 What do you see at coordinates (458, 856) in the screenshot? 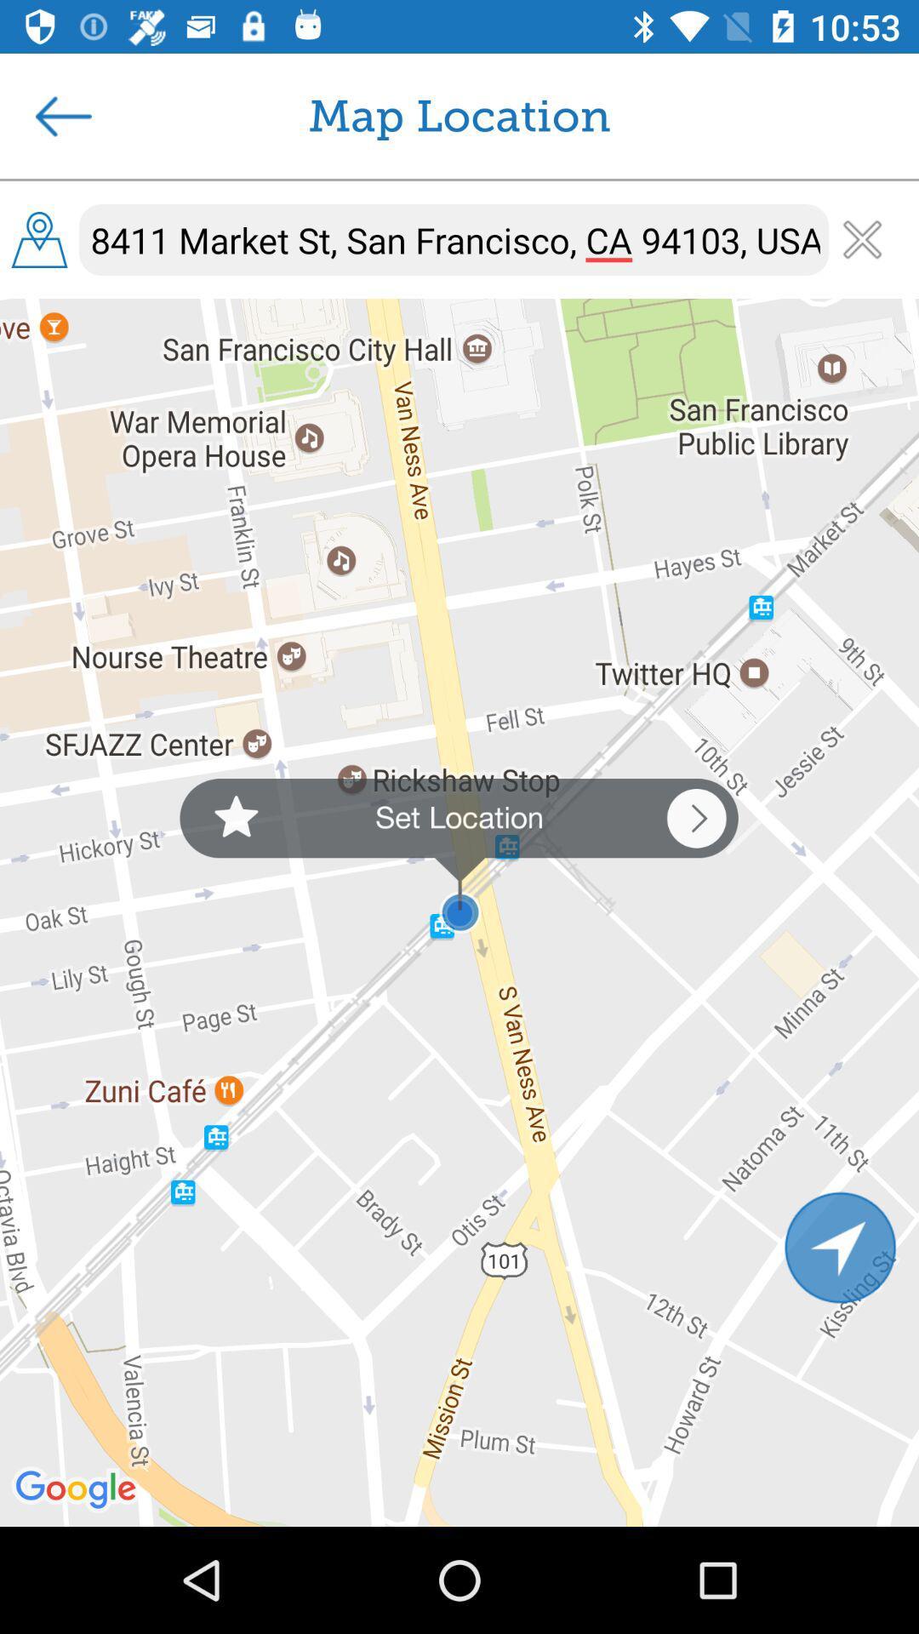
I see `sets the shown location as my location` at bounding box center [458, 856].